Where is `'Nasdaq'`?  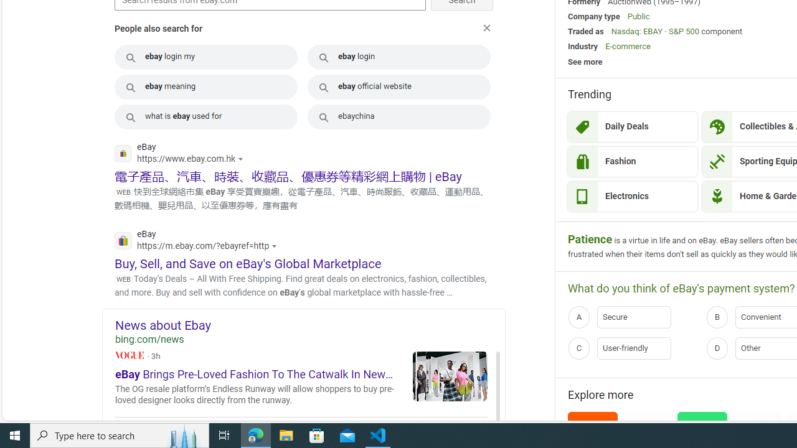 'Nasdaq' is located at coordinates (625, 30).